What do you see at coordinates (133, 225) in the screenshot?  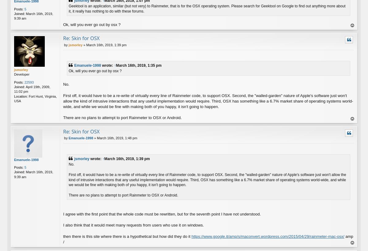 I see `'I also think that it would meet many requests from users who use it on windows.'` at bounding box center [133, 225].